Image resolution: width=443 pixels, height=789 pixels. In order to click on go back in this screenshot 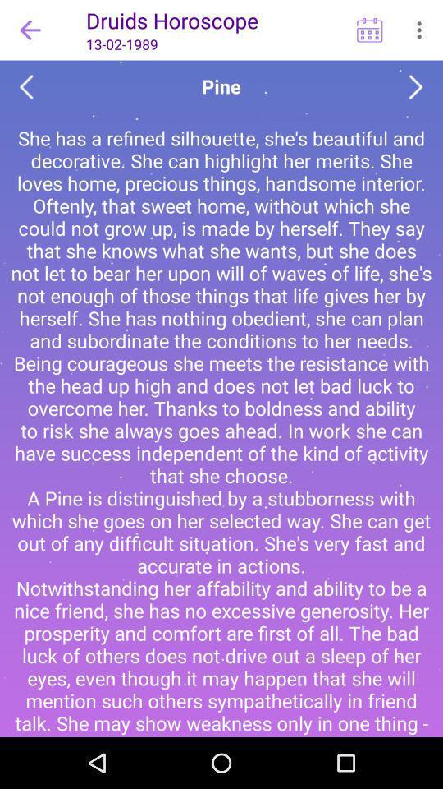, I will do `click(25, 87)`.